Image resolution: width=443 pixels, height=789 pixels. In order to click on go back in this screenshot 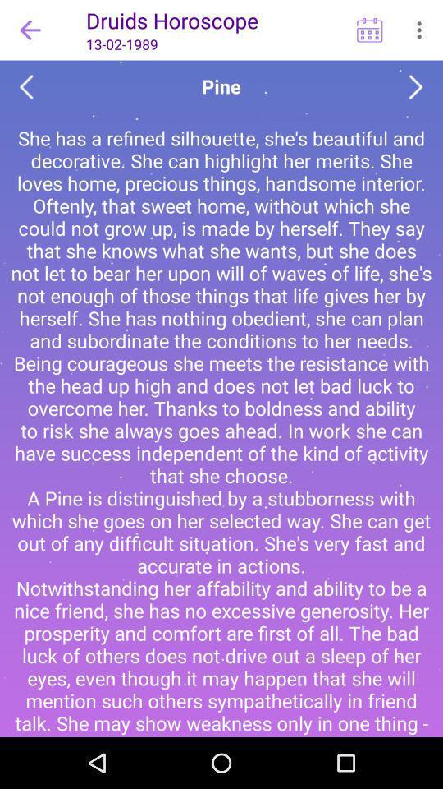, I will do `click(25, 87)`.